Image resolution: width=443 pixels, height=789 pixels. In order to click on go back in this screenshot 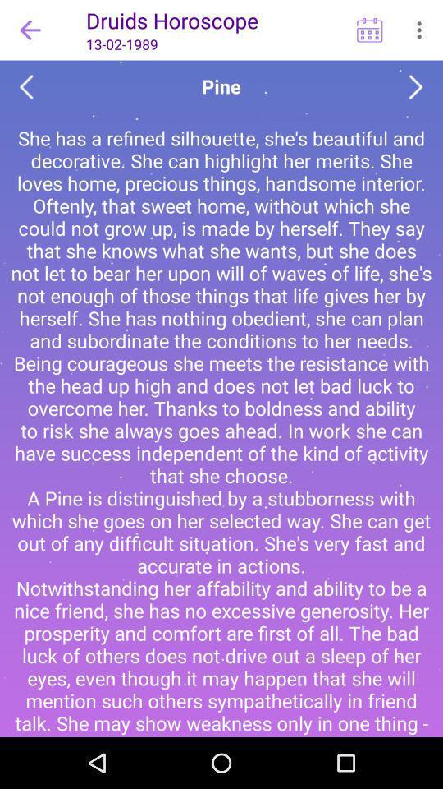, I will do `click(25, 87)`.